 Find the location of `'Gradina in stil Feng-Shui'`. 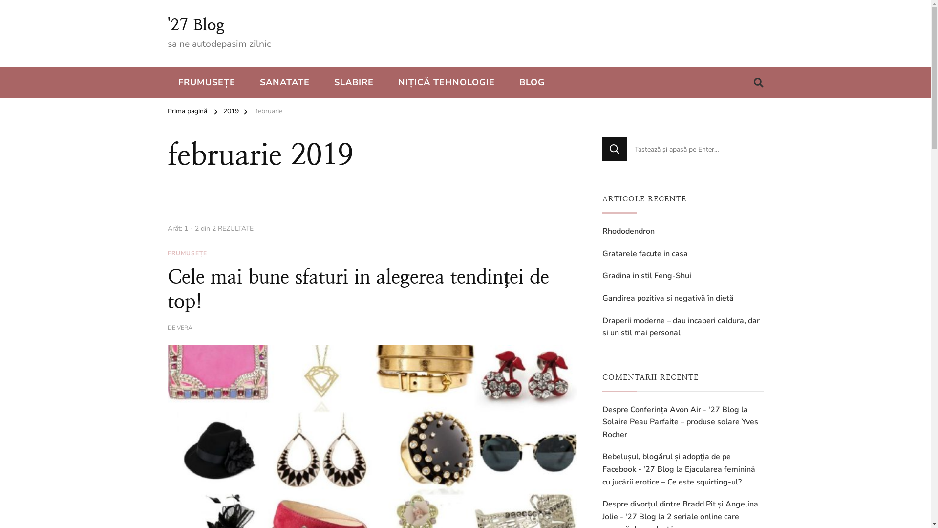

'Gradina in stil Feng-Shui' is located at coordinates (646, 276).